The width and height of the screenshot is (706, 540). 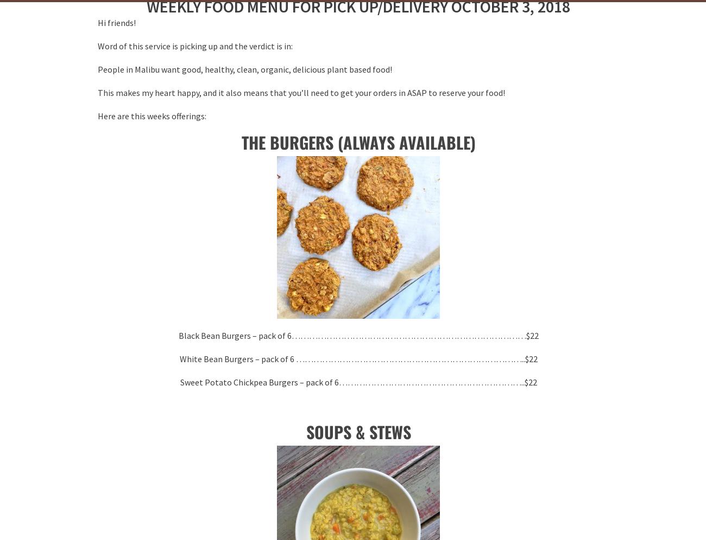 I want to click on 'White Bean Burgers – pack of 6 ……………………………………………………………………..$22', so click(x=357, y=358).